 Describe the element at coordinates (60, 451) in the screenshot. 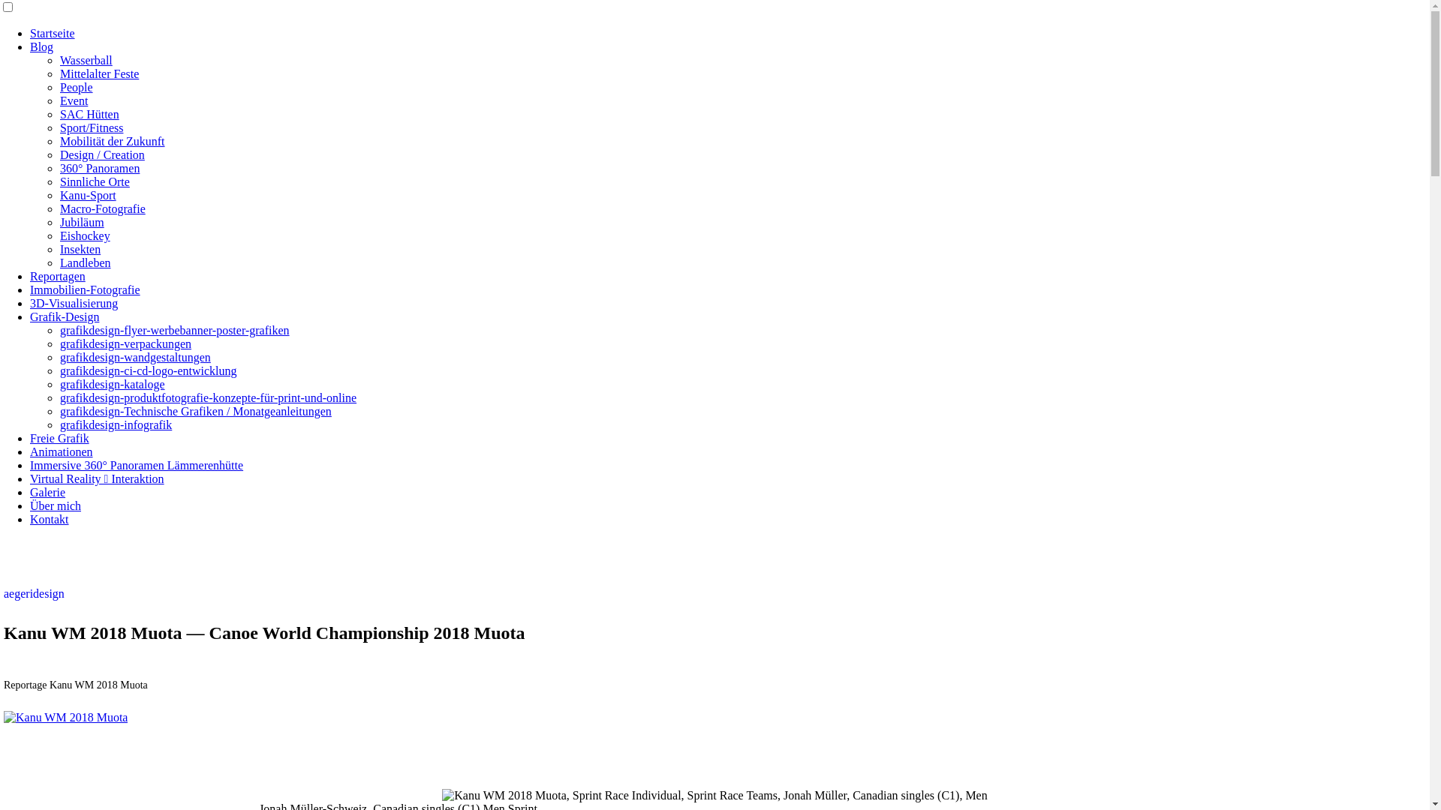

I see `'Animationen'` at that location.